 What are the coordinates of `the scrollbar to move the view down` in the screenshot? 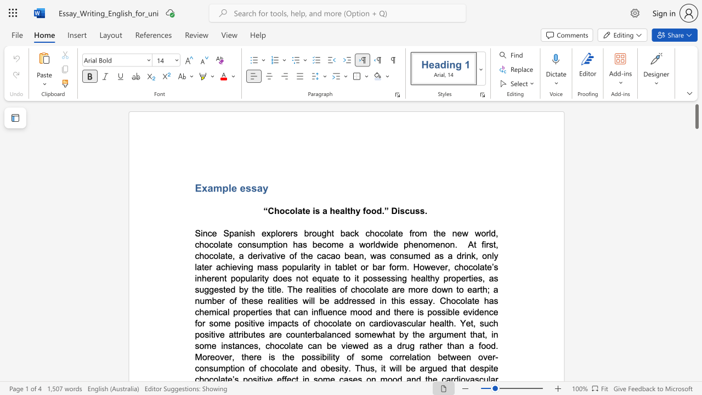 It's located at (696, 136).